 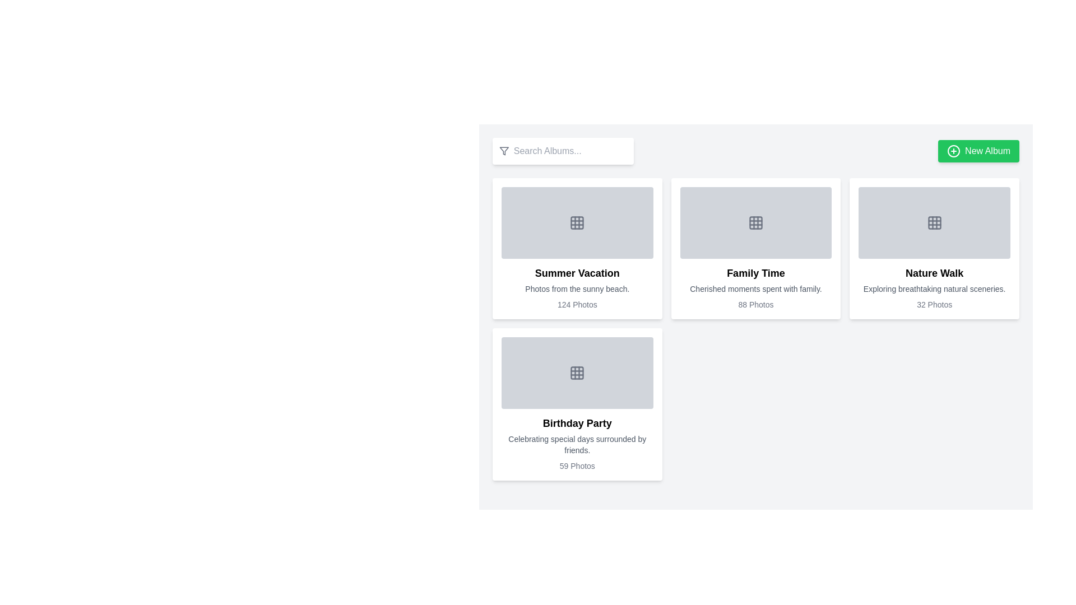 I want to click on the grid view icon representing the album 'Birthday Party', so click(x=577, y=373).